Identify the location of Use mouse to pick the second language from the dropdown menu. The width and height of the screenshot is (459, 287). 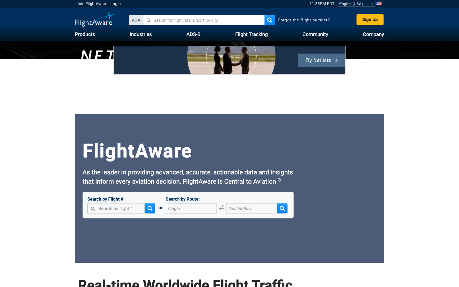
(356, 3).